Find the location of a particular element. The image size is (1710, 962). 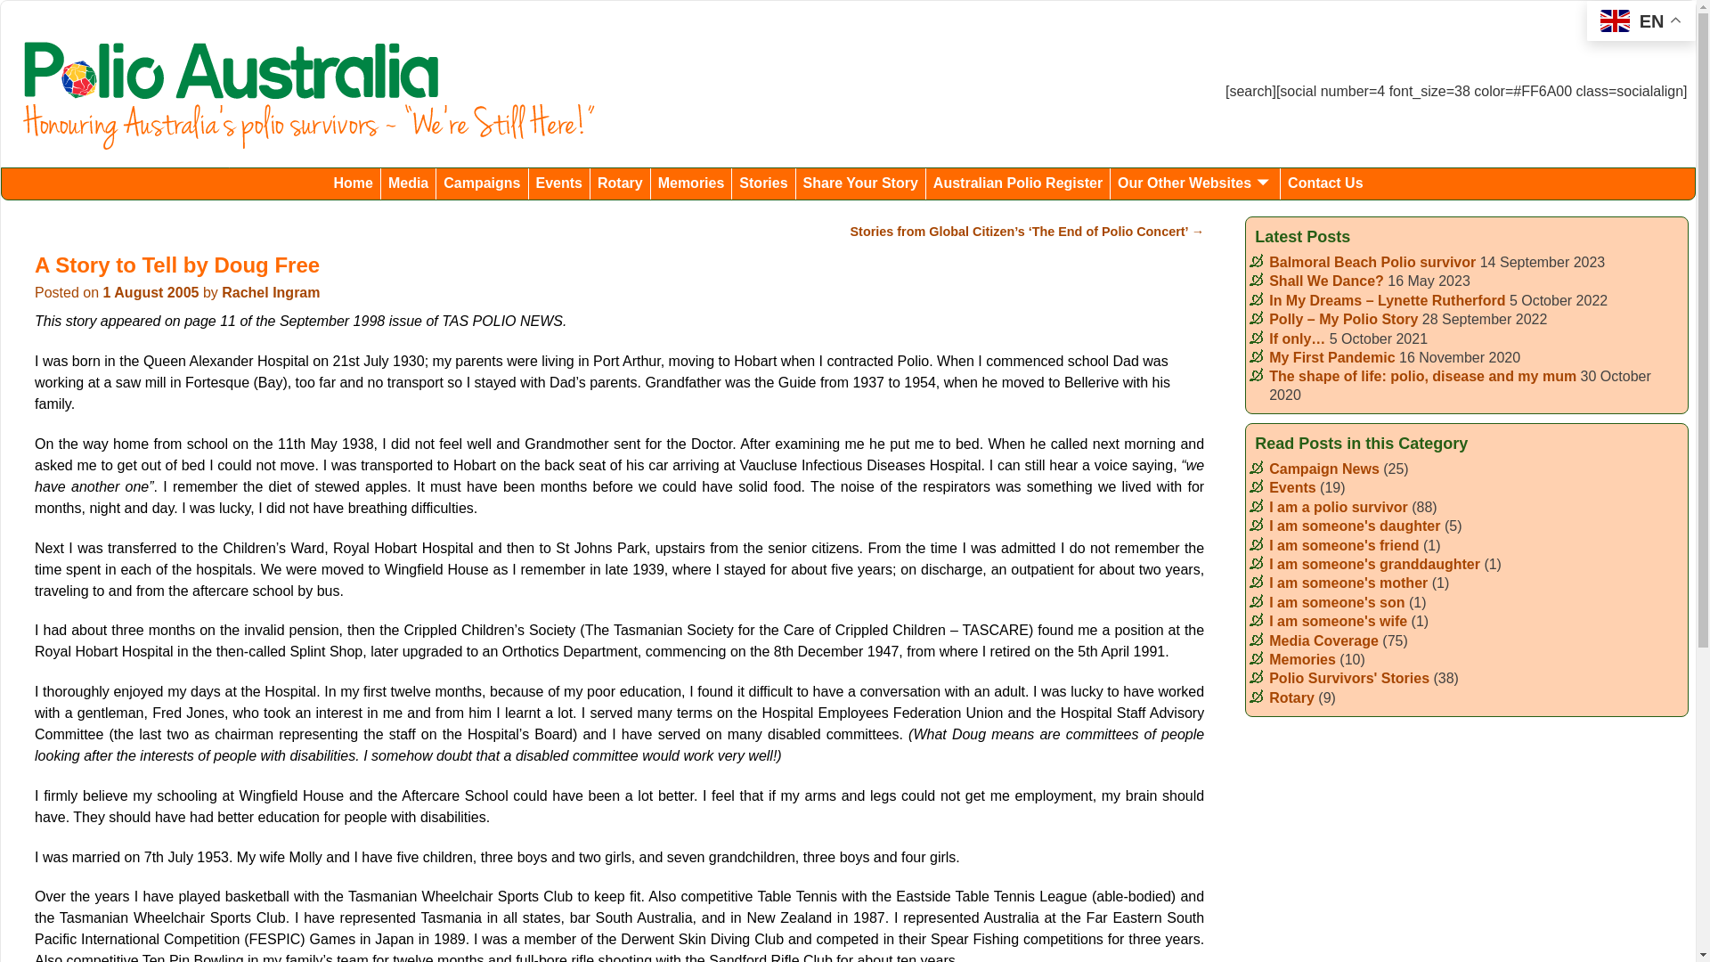

'Our Other Websites' is located at coordinates (1195, 183).